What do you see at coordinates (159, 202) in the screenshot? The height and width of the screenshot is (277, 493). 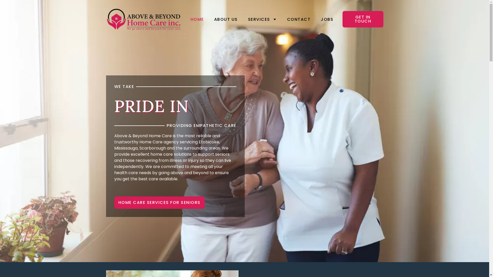 I see `'HOME CARE SERVICES FOR SENIORS'` at bounding box center [159, 202].